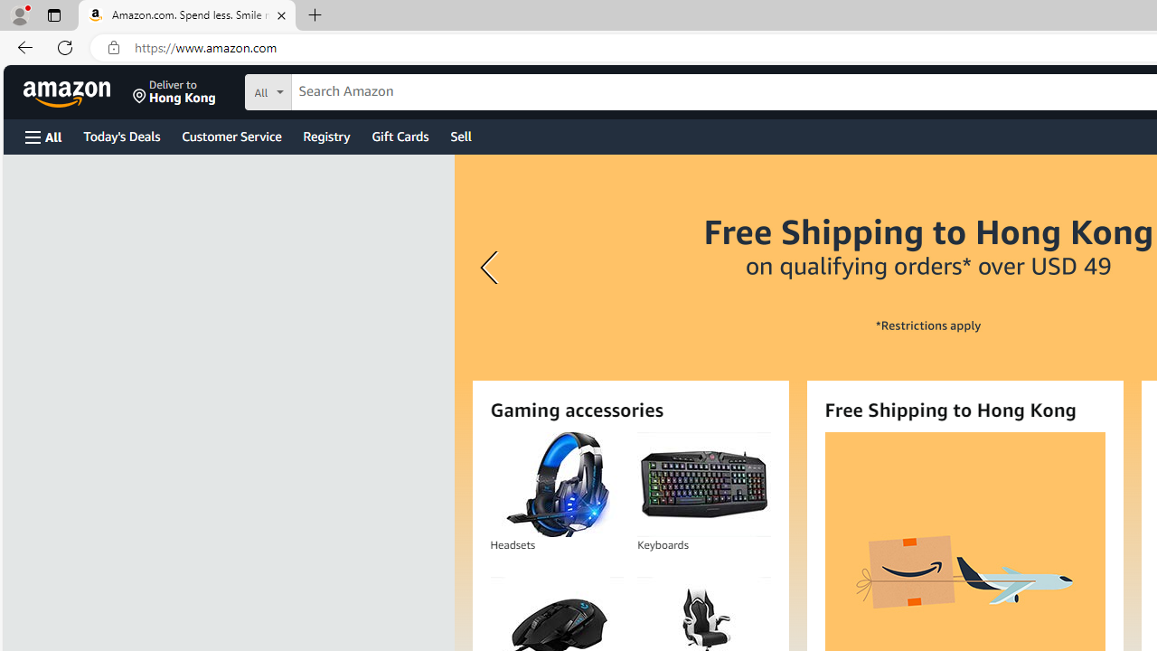 This screenshot has width=1157, height=651. Describe the element at coordinates (120, 135) in the screenshot. I see `'Today'` at that location.